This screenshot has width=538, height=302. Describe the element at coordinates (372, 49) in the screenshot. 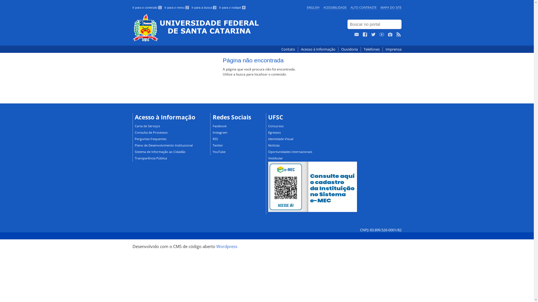

I see `'Telefones'` at that location.